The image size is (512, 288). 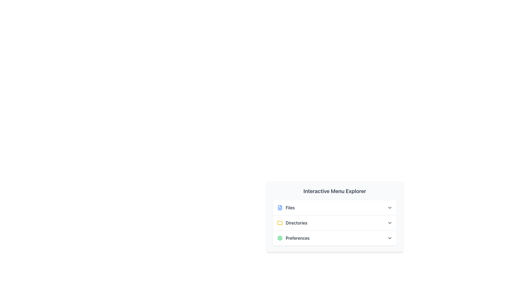 What do you see at coordinates (334, 223) in the screenshot?
I see `the 'Directories' row of the dropdown menu, which is the second row between 'Files' and 'Preferences'` at bounding box center [334, 223].